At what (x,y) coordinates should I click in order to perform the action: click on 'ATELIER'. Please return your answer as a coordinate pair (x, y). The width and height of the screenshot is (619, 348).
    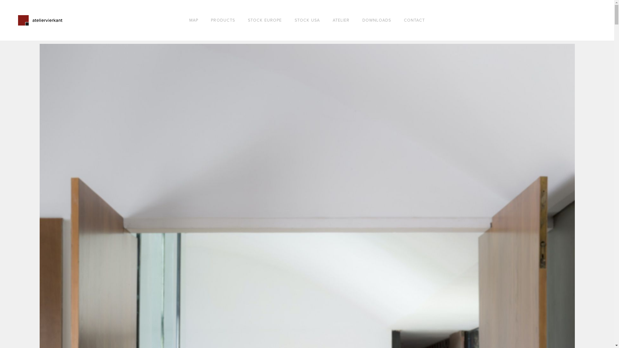
    Looking at the image, I should click on (341, 20).